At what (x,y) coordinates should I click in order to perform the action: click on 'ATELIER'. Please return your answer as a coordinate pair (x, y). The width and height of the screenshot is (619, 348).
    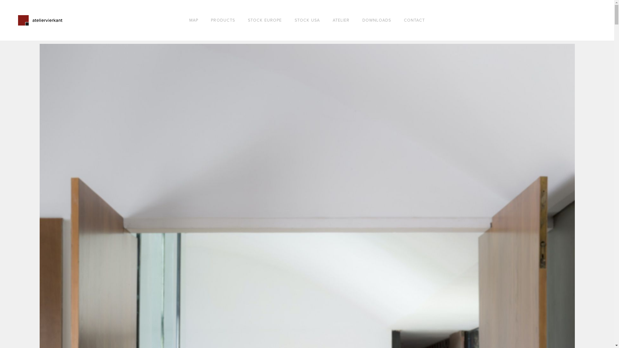
    Looking at the image, I should click on (341, 20).